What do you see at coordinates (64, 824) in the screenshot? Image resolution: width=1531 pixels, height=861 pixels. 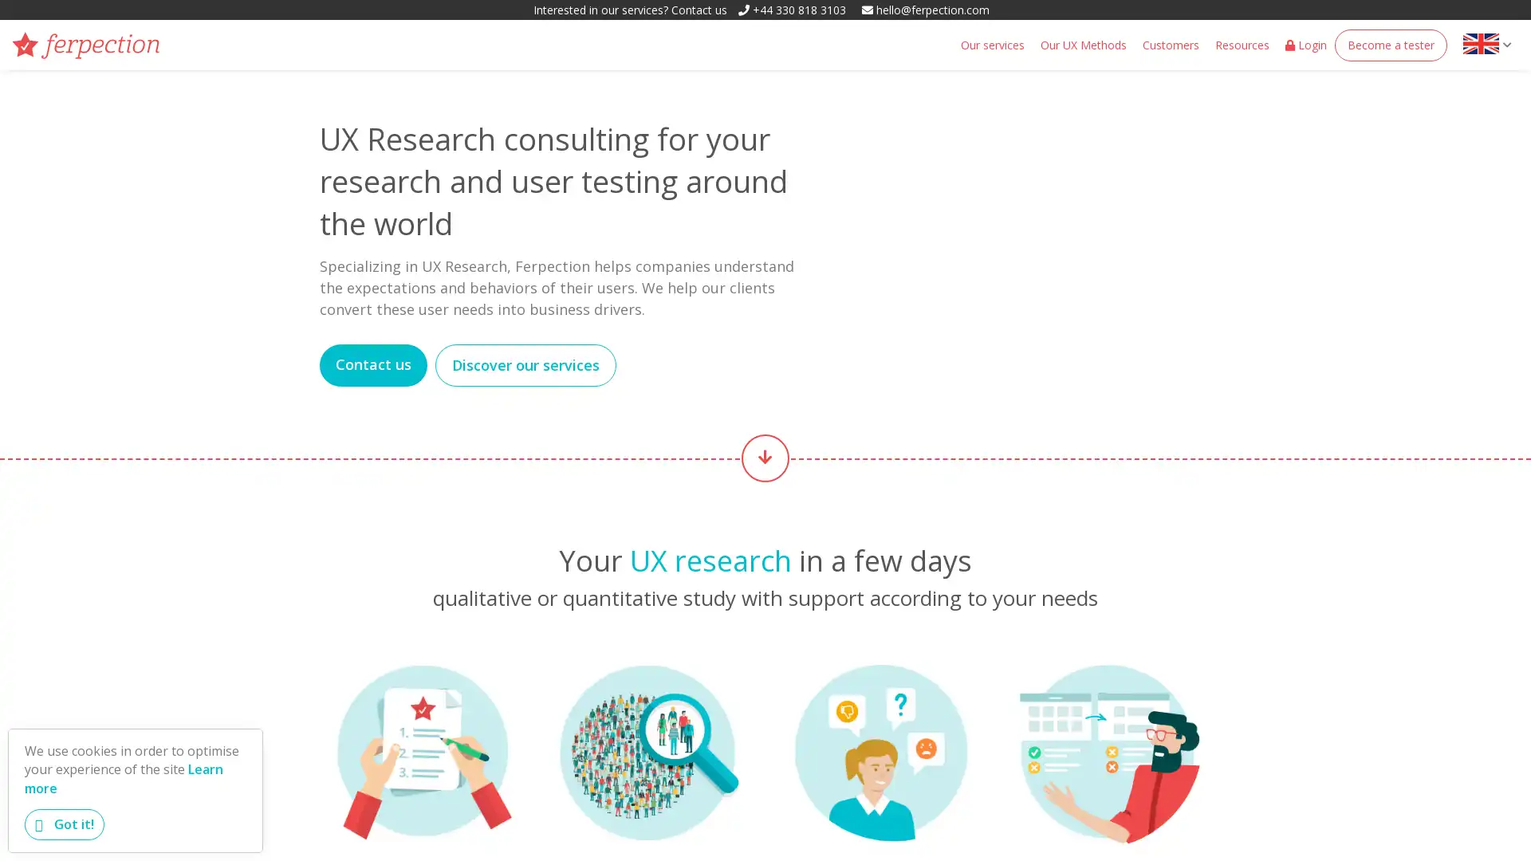 I see `dismiss cookie message` at bounding box center [64, 824].